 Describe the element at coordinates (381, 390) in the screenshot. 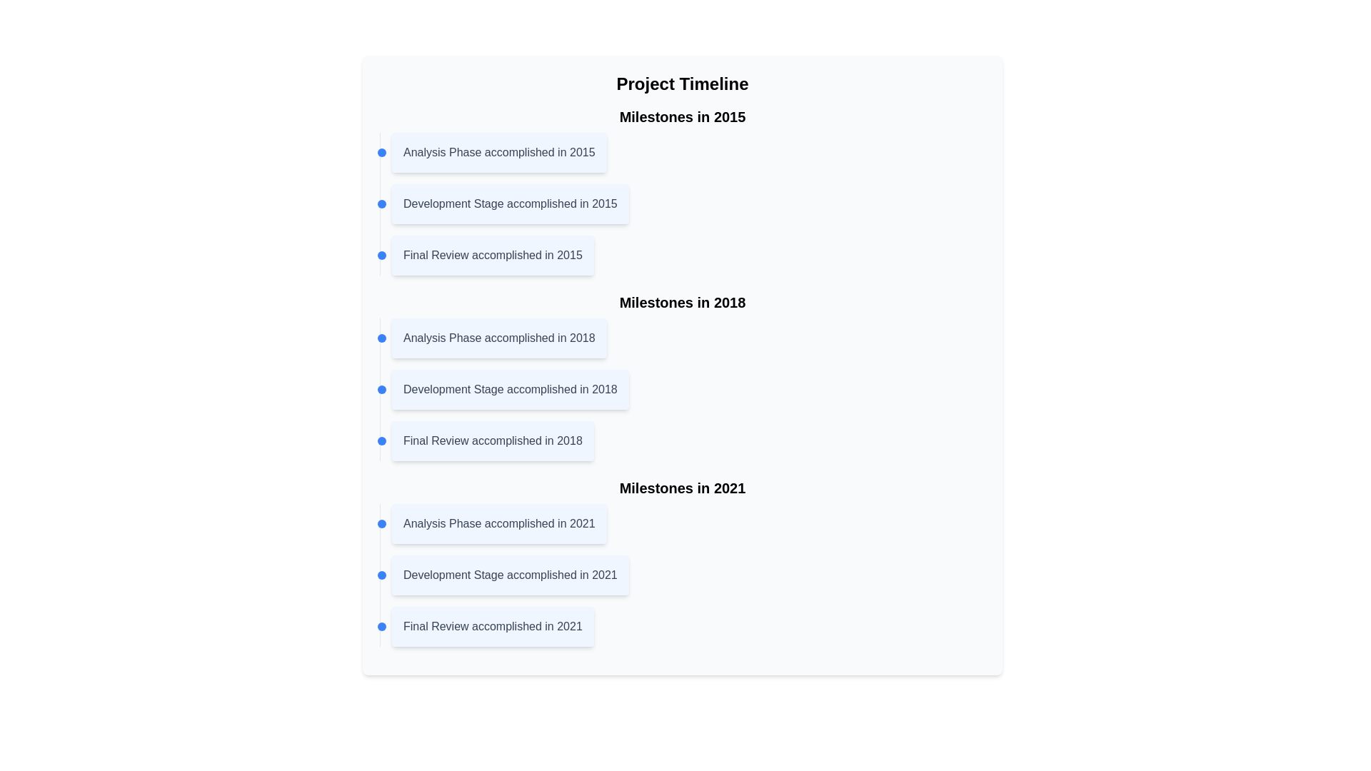

I see `the second blue decorative marker located to the left of the milestone text 'Development Stage accomplished in 2018' within the 'Milestones in 2018' group` at that location.